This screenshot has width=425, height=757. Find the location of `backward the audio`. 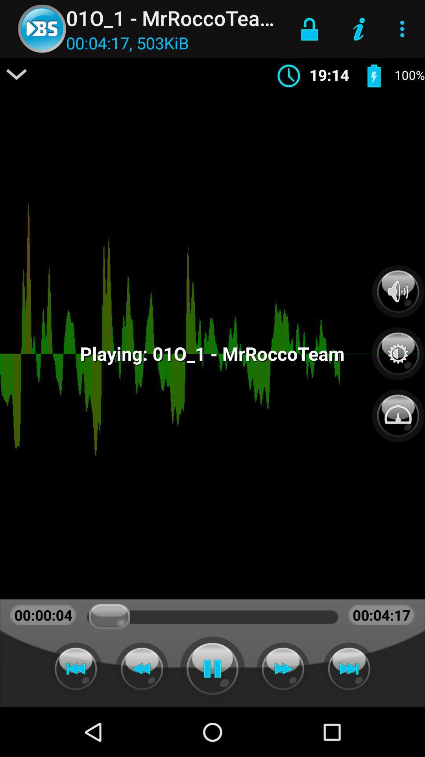

backward the audio is located at coordinates (142, 668).